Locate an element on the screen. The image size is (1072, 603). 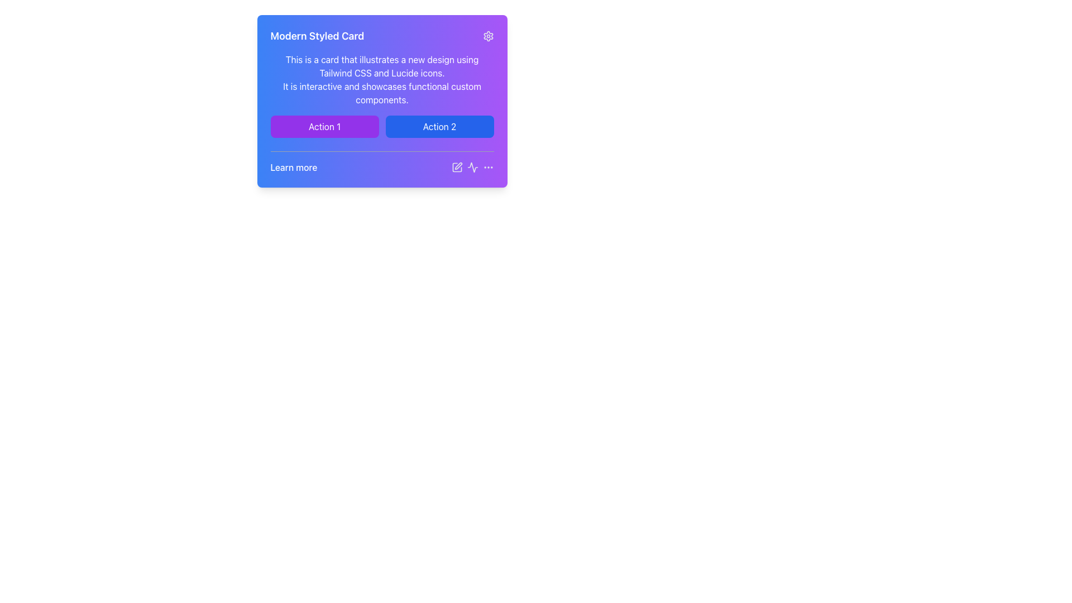
the waveform icon located at the bottom-right corner of the card, which is the second icon in a row of three is located at coordinates (472, 167).